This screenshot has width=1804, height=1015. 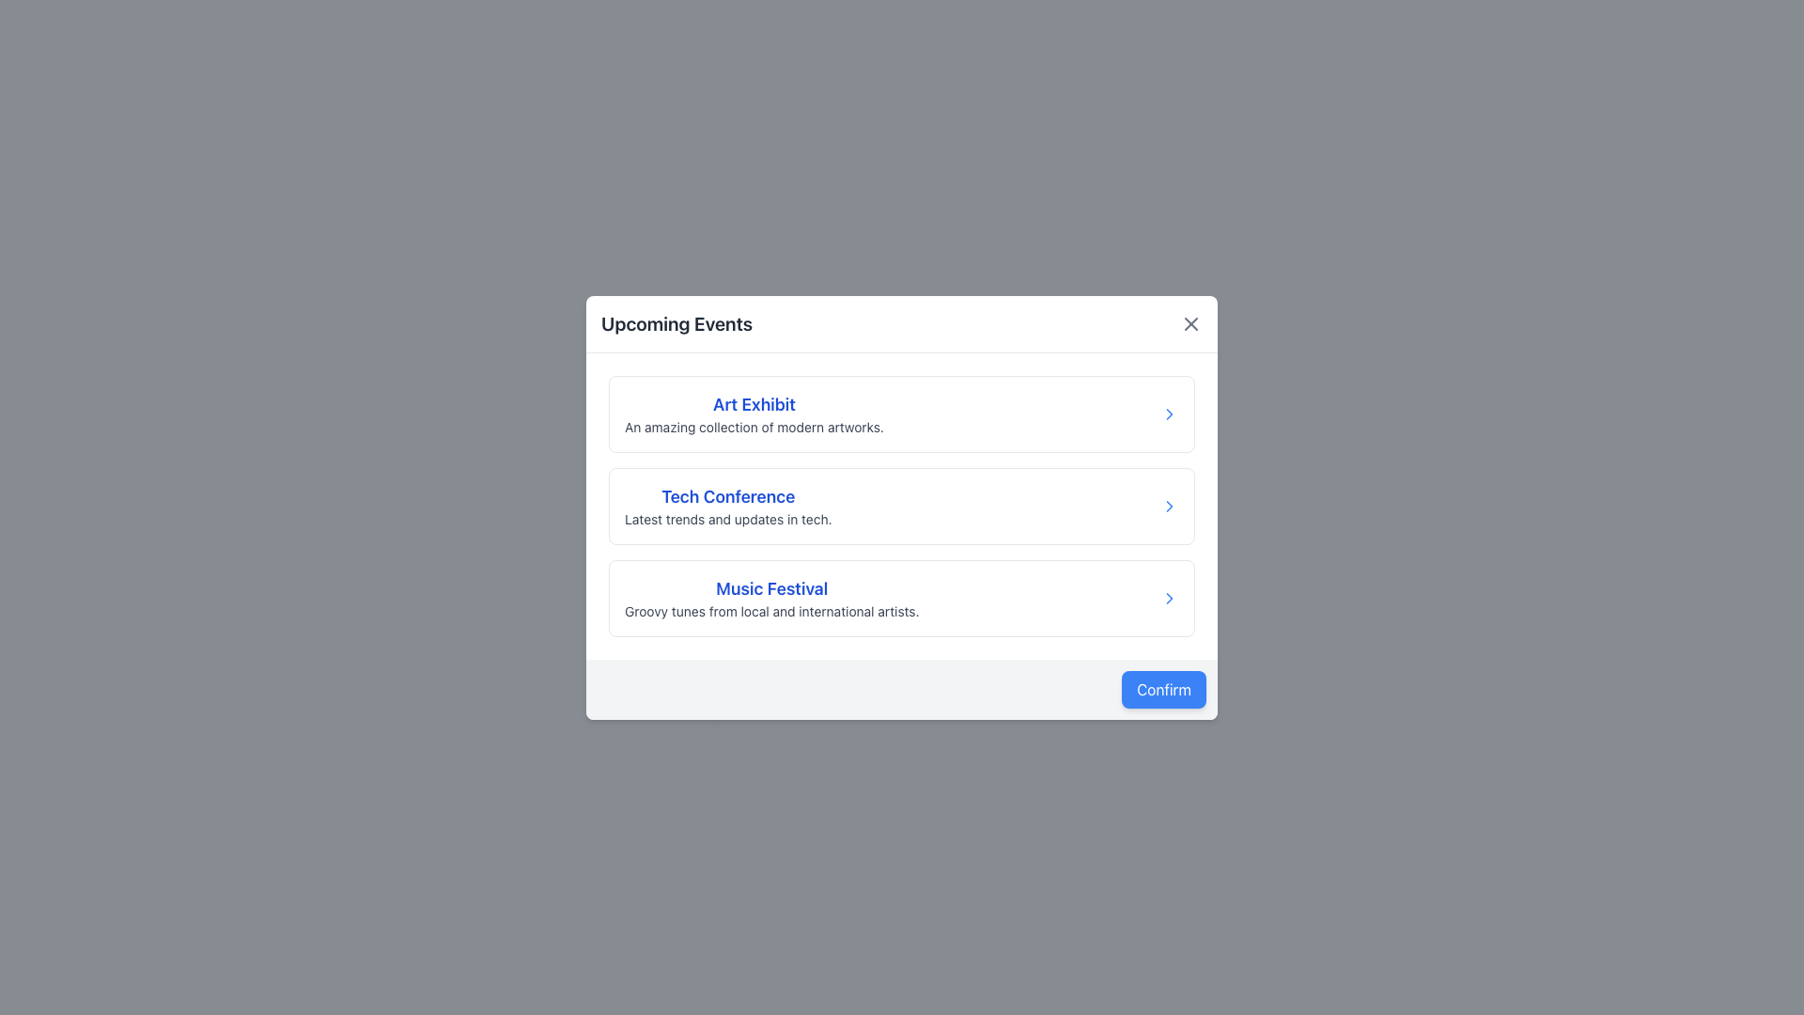 I want to click on text displayed in the second entry of the event items list, which shows 'Tech Conference' in bold blue and 'Latest trends and updates in tech.' in gray, so click(x=727, y=505).